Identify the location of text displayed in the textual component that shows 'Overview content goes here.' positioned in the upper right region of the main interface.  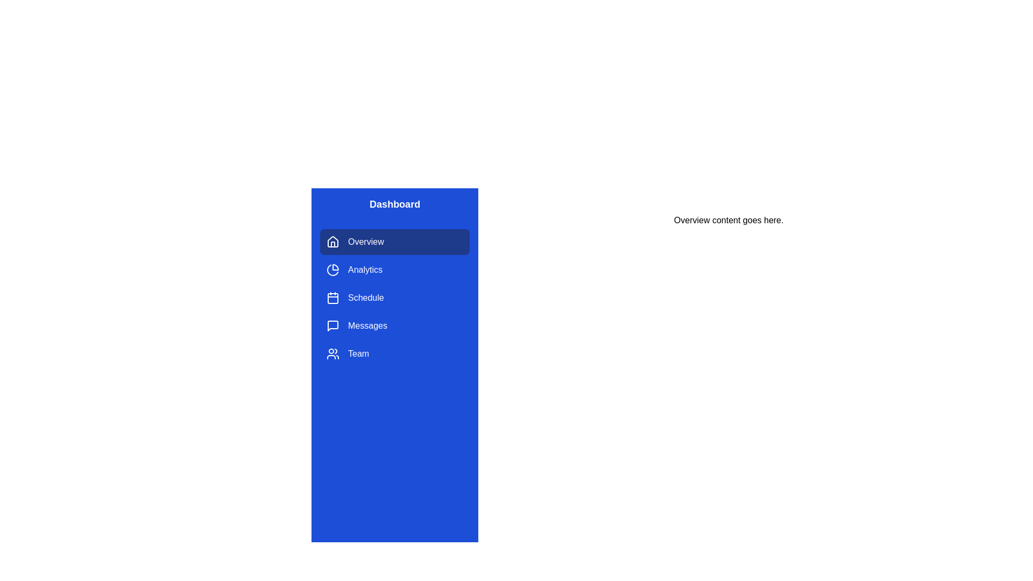
(728, 219).